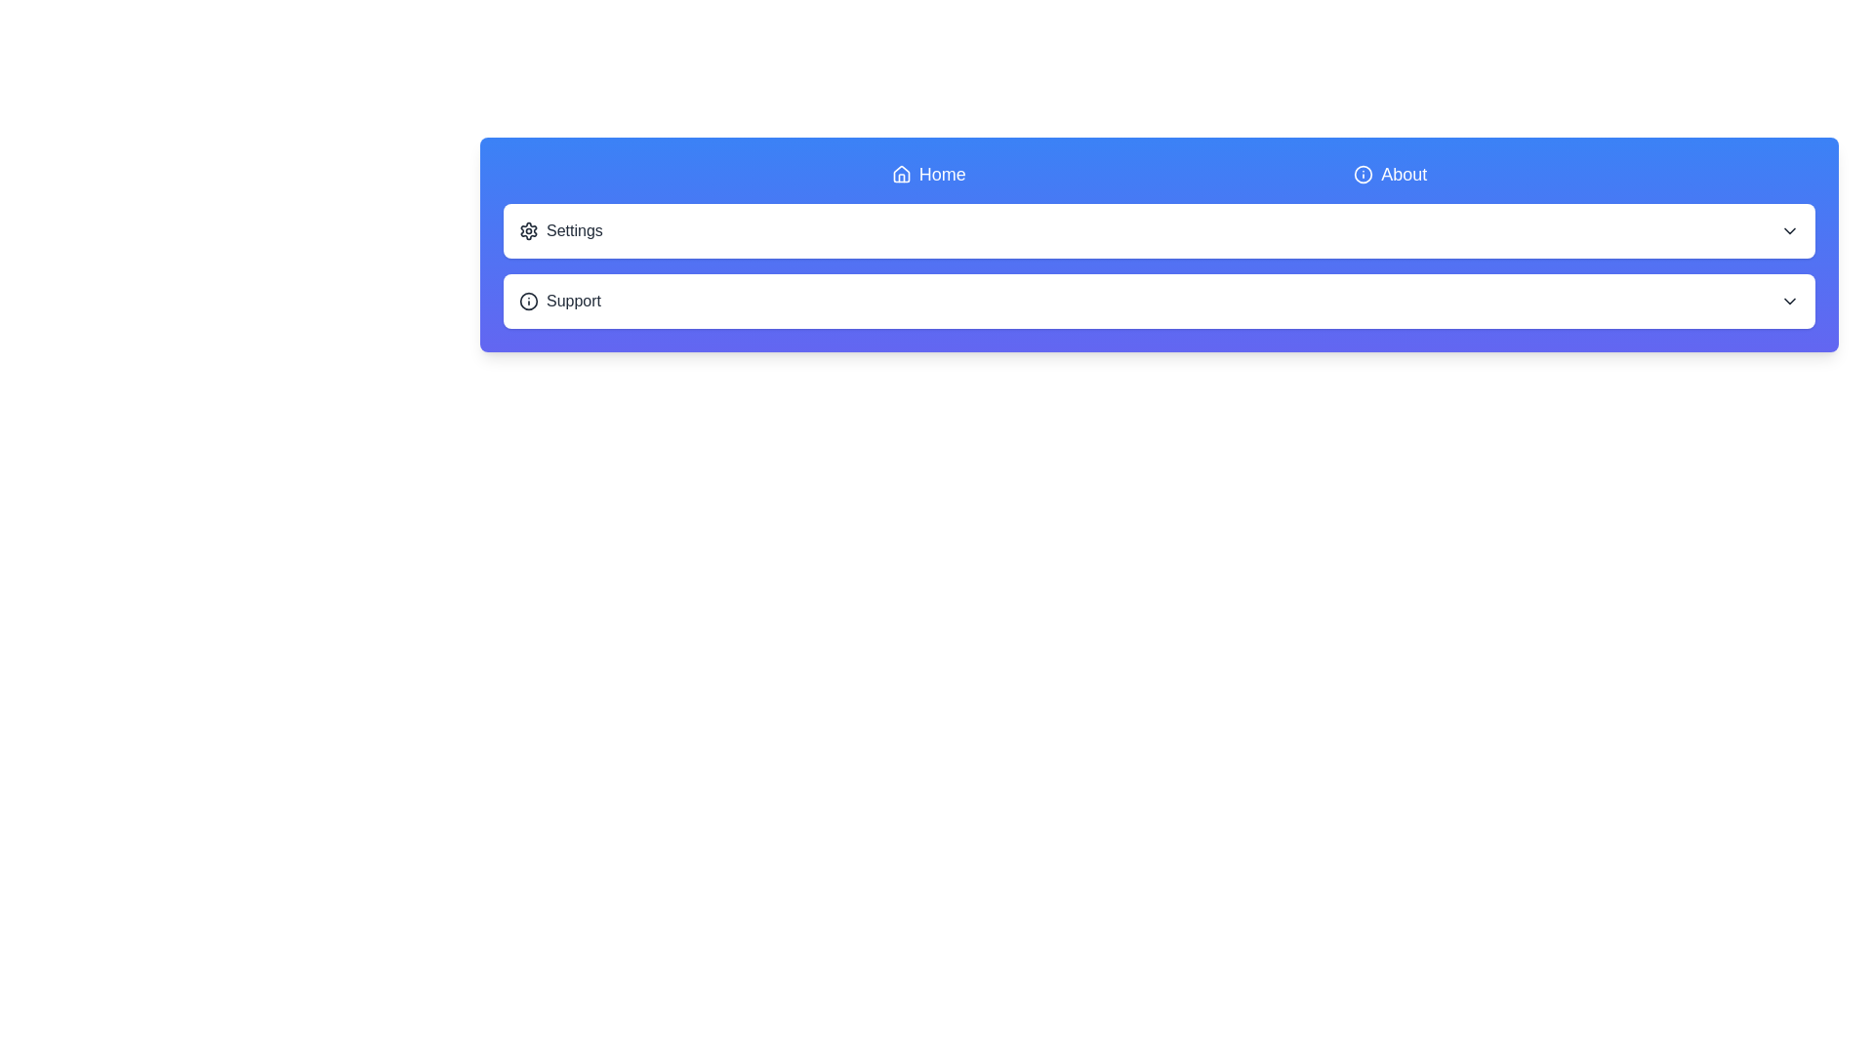  I want to click on the dropdown indicator icon located on the far right of the 'Support' row, so click(1789, 301).